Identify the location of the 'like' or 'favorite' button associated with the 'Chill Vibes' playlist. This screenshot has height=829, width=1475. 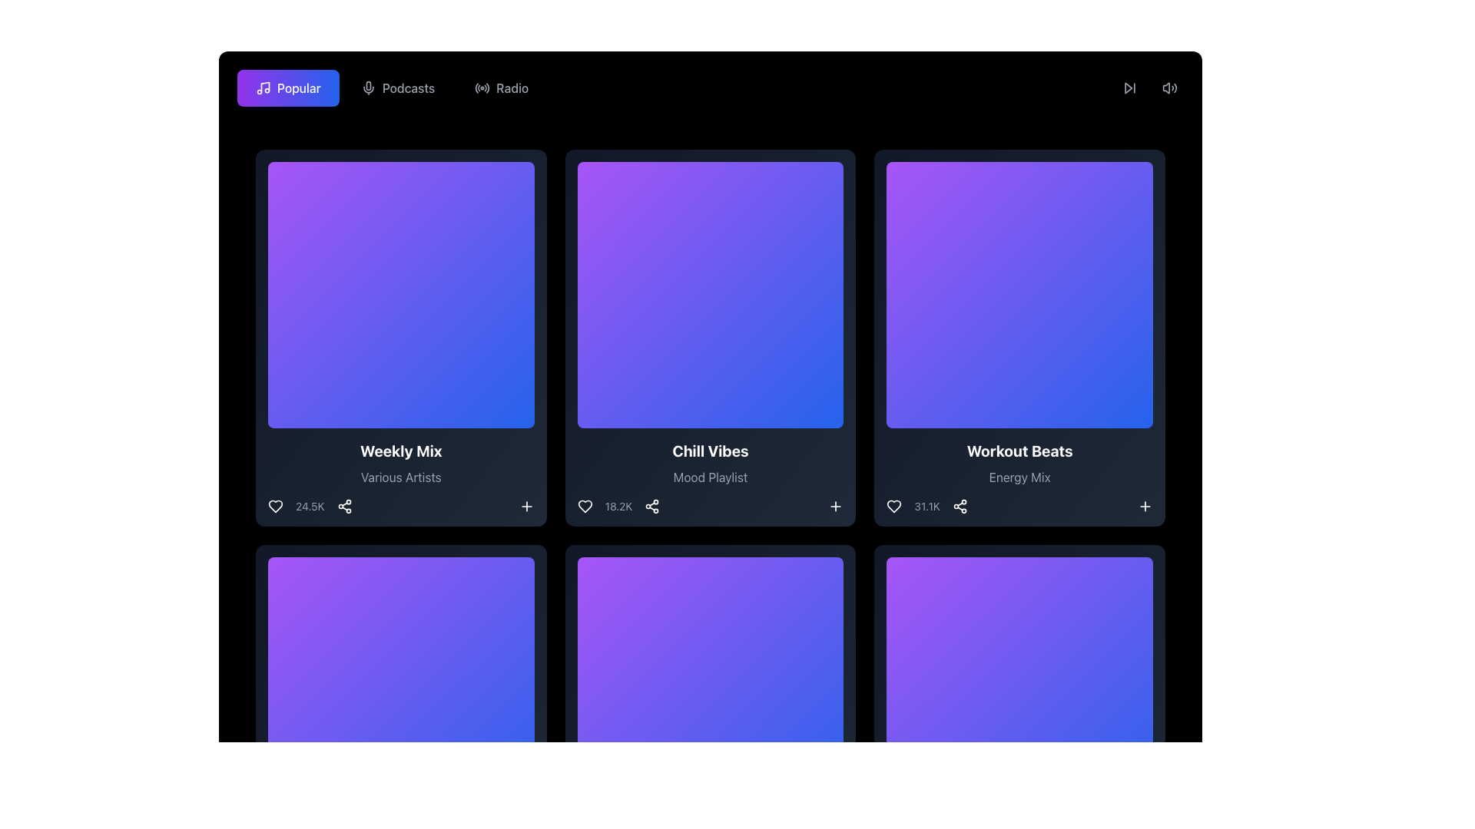
(584, 506).